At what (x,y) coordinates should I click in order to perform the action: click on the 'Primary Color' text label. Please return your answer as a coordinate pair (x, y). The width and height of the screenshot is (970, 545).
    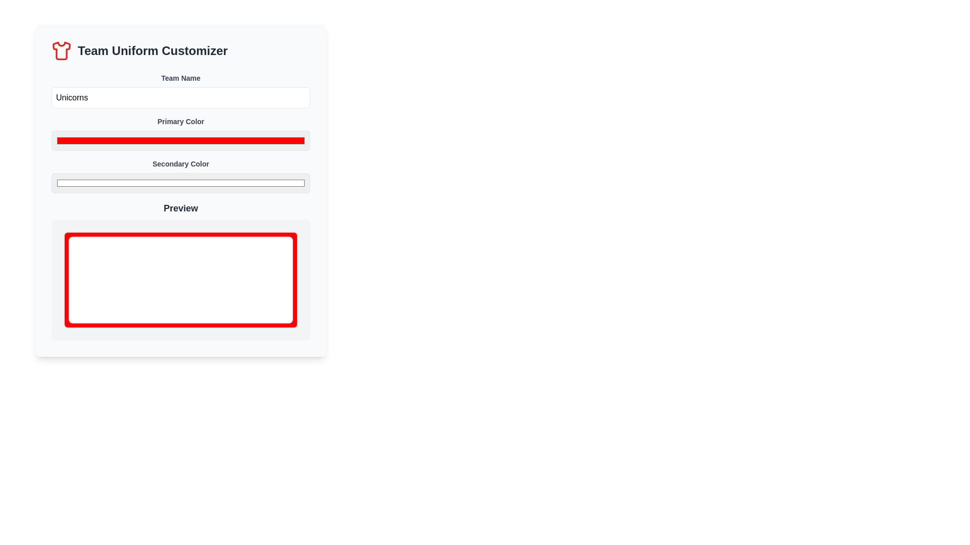
    Looking at the image, I should click on (181, 121).